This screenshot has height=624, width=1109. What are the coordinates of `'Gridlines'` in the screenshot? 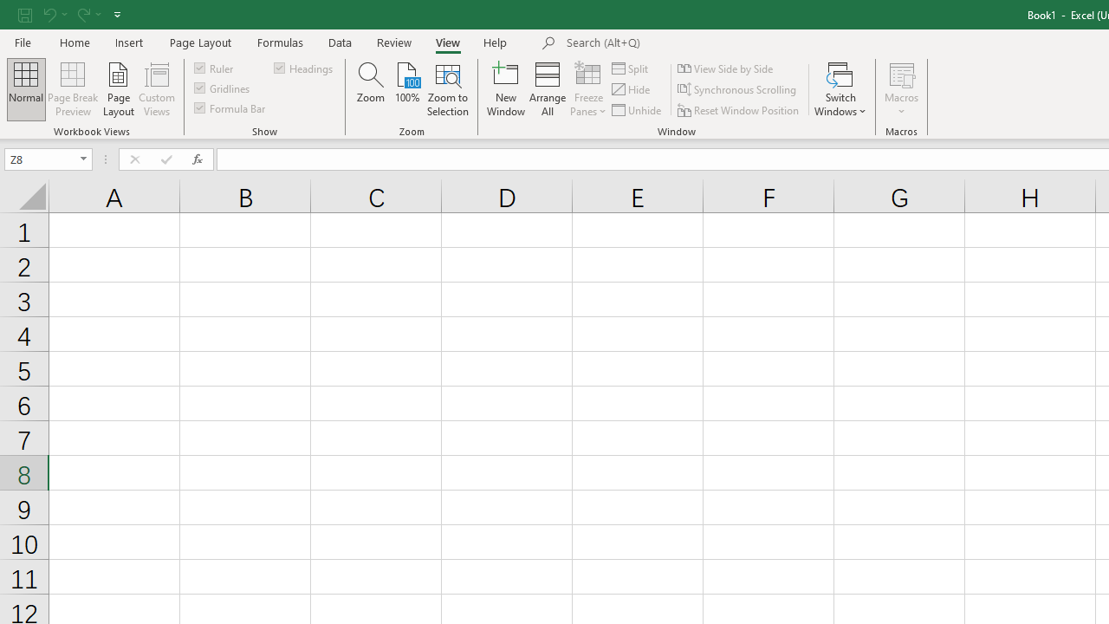 It's located at (222, 88).